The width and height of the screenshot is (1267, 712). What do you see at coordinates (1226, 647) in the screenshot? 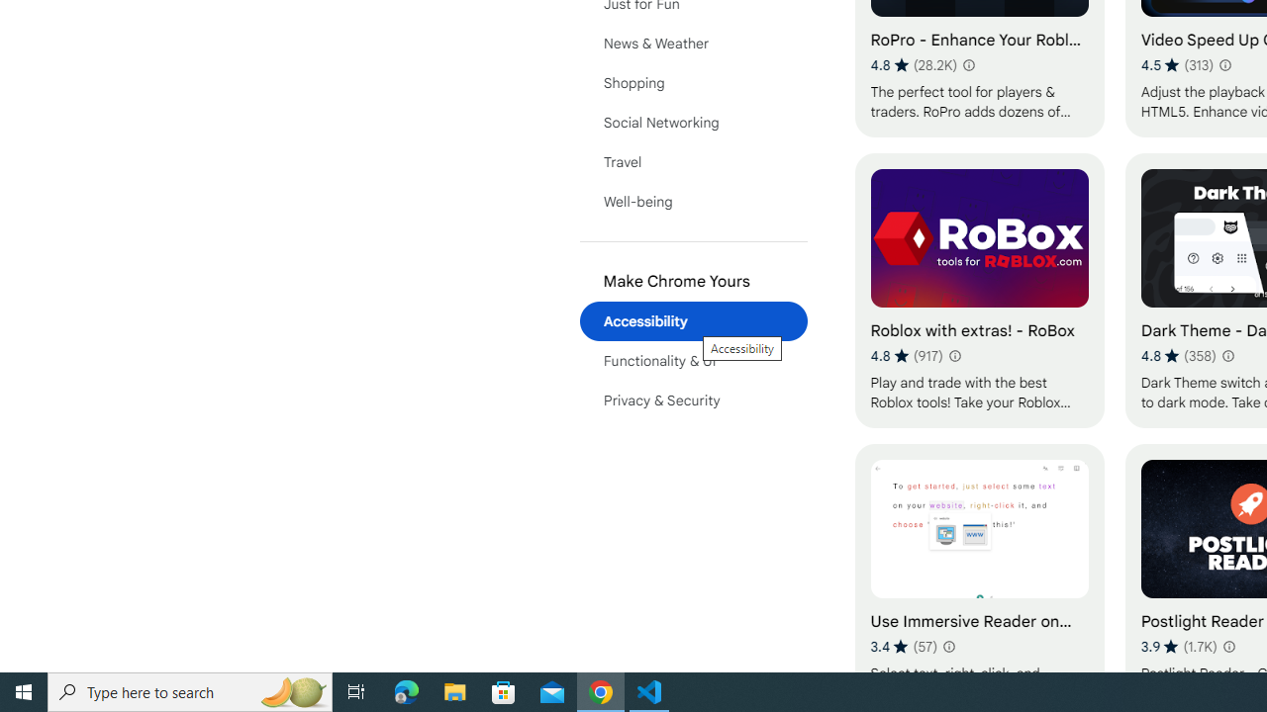
I see `'Learn more about results and reviews "Postlight Reader"'` at bounding box center [1226, 647].